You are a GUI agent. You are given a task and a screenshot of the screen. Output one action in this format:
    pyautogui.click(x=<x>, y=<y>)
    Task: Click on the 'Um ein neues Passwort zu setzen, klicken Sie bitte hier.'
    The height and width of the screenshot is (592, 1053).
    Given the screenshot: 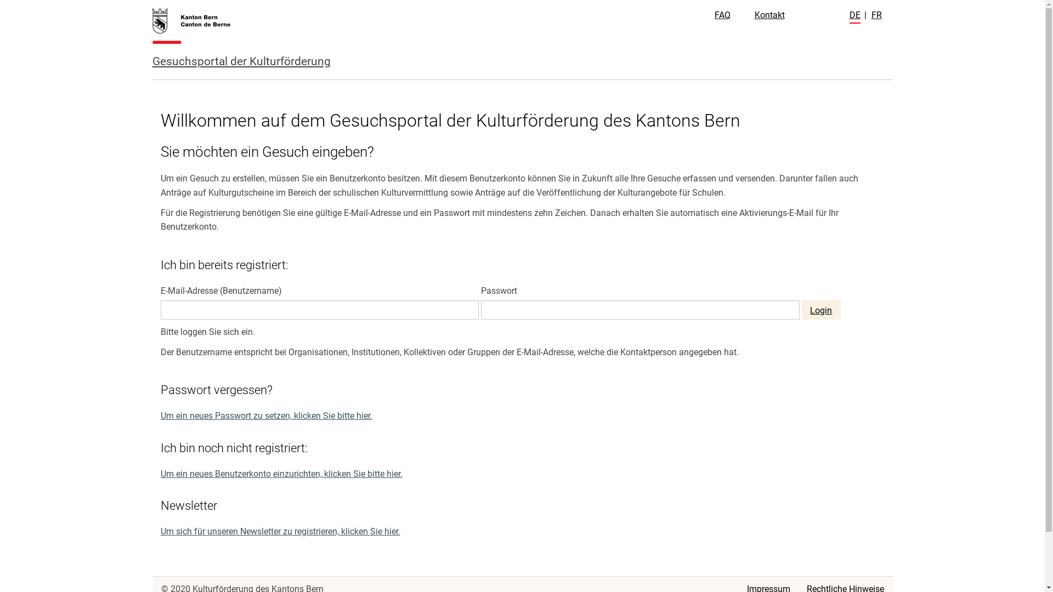 What is the action you would take?
    pyautogui.click(x=265, y=415)
    